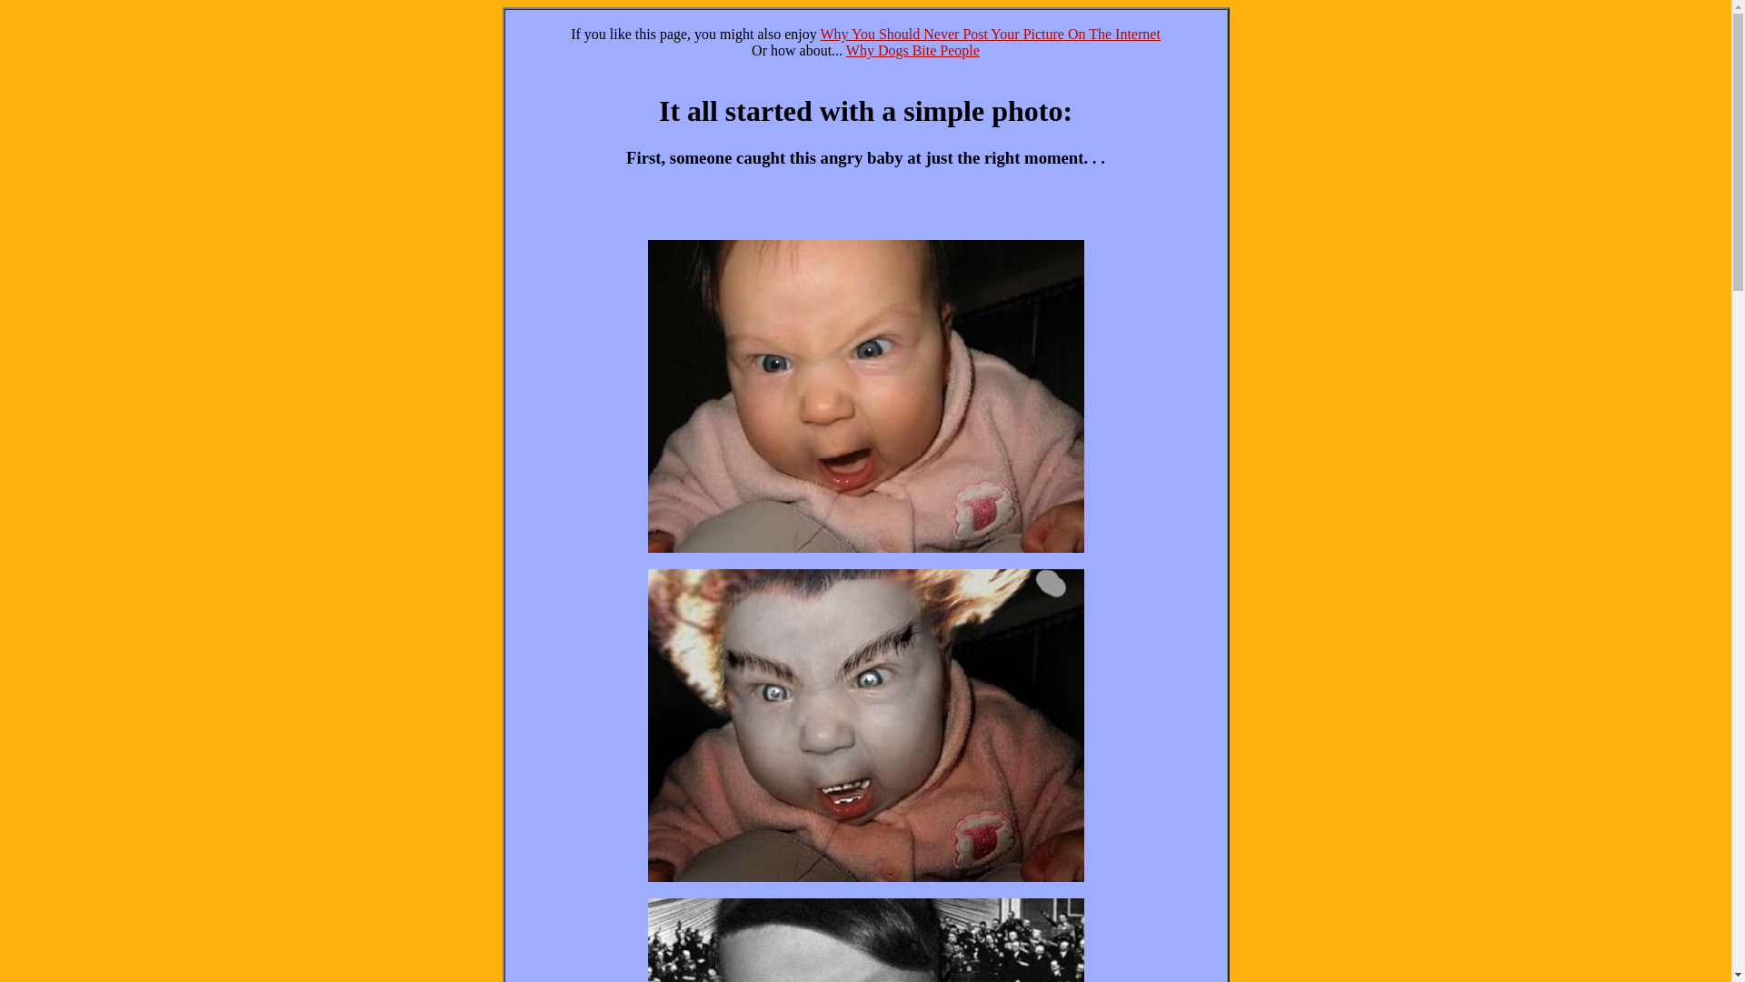 The height and width of the screenshot is (982, 1745). Describe the element at coordinates (912, 49) in the screenshot. I see `'Why Dogs Bite People'` at that location.